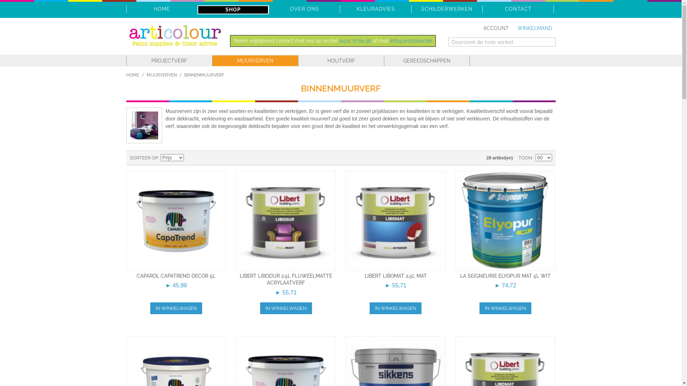  Describe the element at coordinates (389, 41) in the screenshot. I see `'info@articolour.be'` at that location.